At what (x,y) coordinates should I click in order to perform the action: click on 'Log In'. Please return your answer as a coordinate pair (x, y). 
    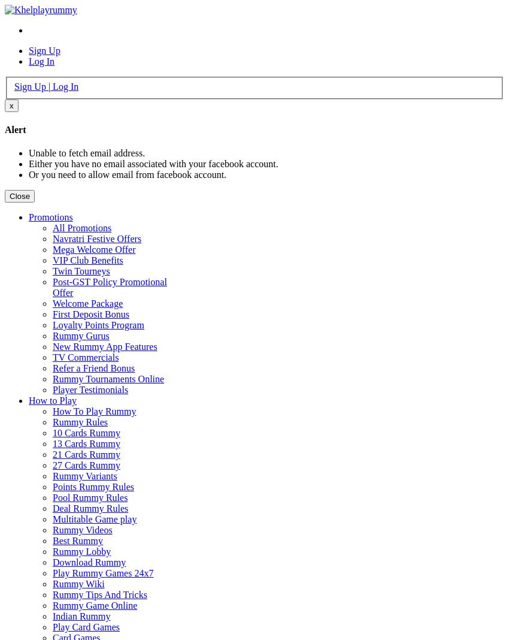
    Looking at the image, I should click on (41, 61).